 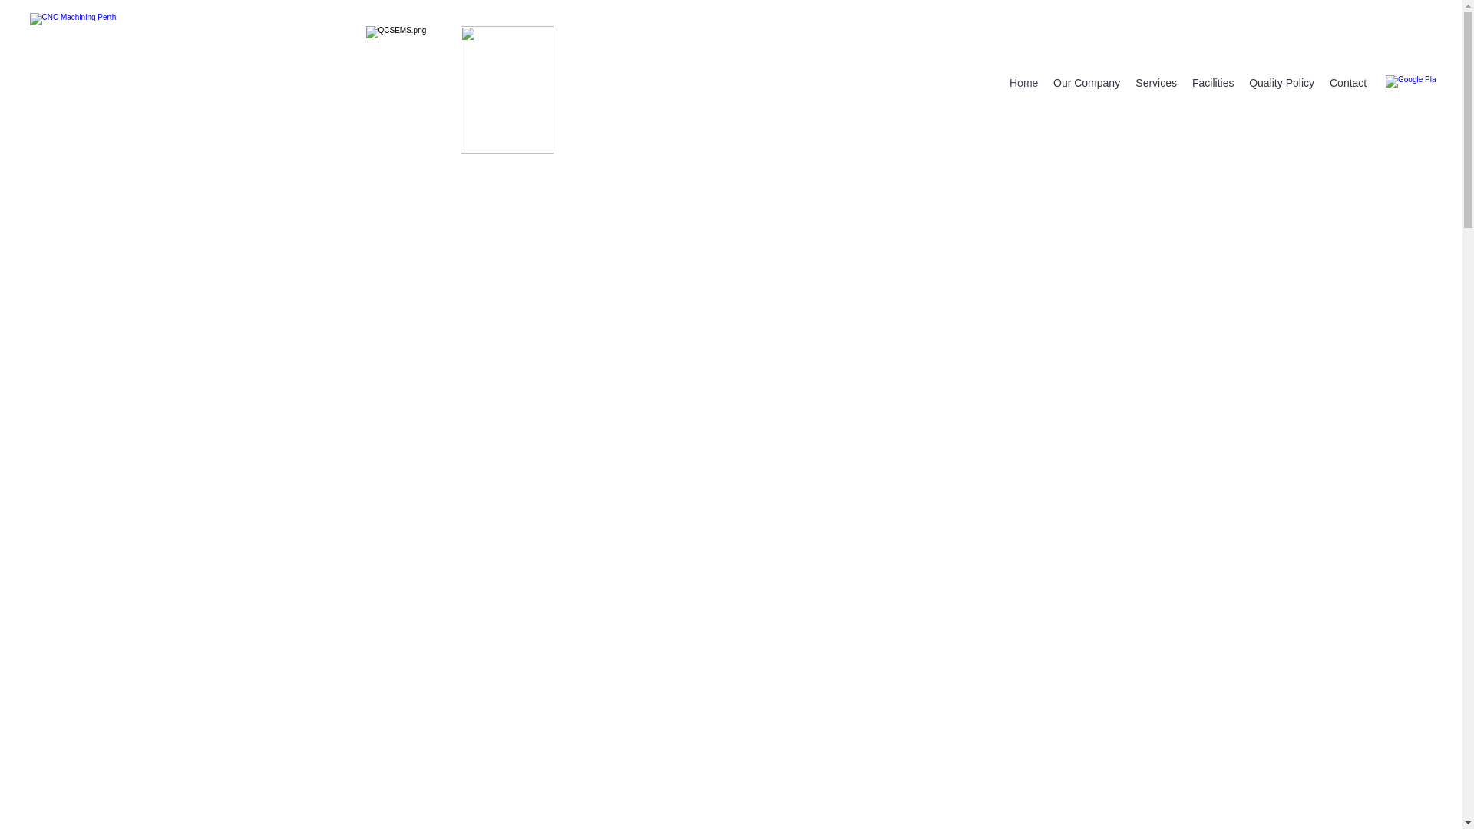 I want to click on 'Our Company', so click(x=1086, y=83).